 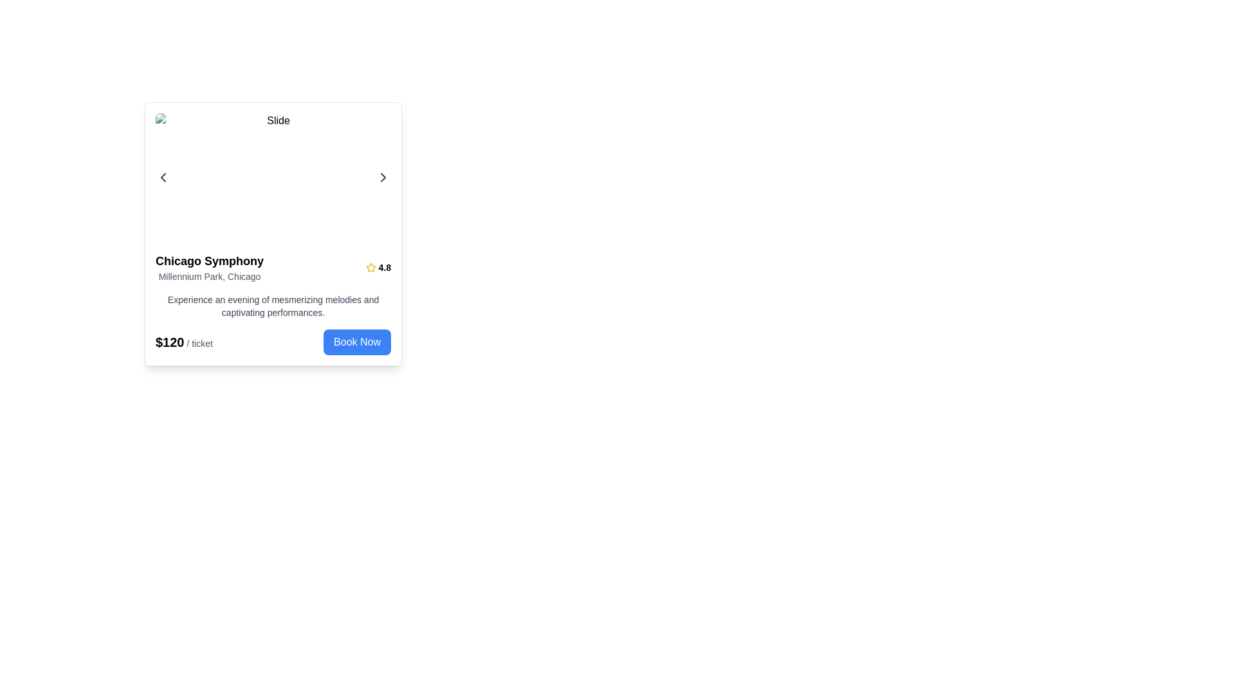 What do you see at coordinates (370, 267) in the screenshot?
I see `the small hollow outline yellow star icon located to the left of the text '4.8' in the top-right region of the main card below the title 'Chicago Symphony'` at bounding box center [370, 267].